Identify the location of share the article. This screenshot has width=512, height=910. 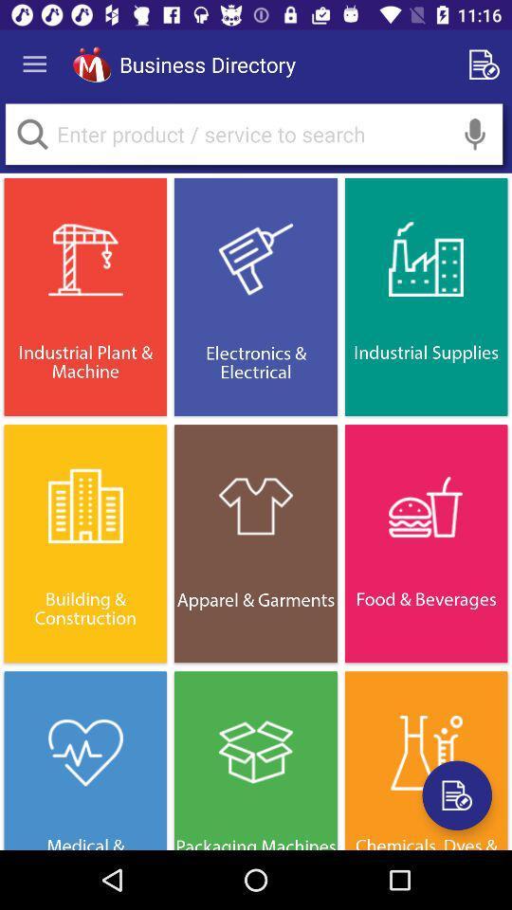
(456, 795).